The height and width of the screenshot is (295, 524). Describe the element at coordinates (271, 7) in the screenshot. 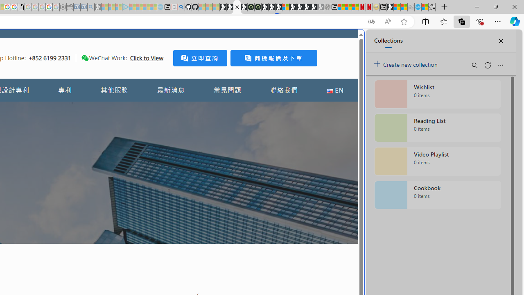

I see `'Play Cave FRVR in your browser | Games from Microsoft Start'` at that location.